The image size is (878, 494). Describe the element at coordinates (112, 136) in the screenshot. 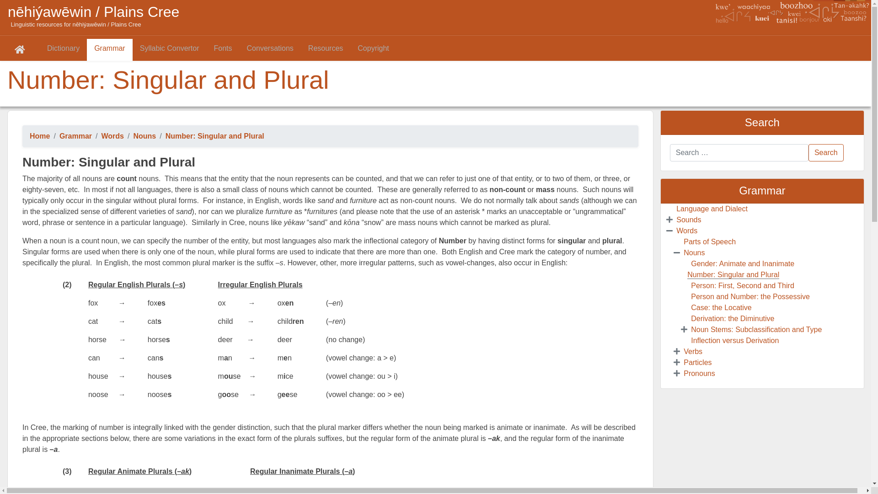

I see `'Words'` at that location.